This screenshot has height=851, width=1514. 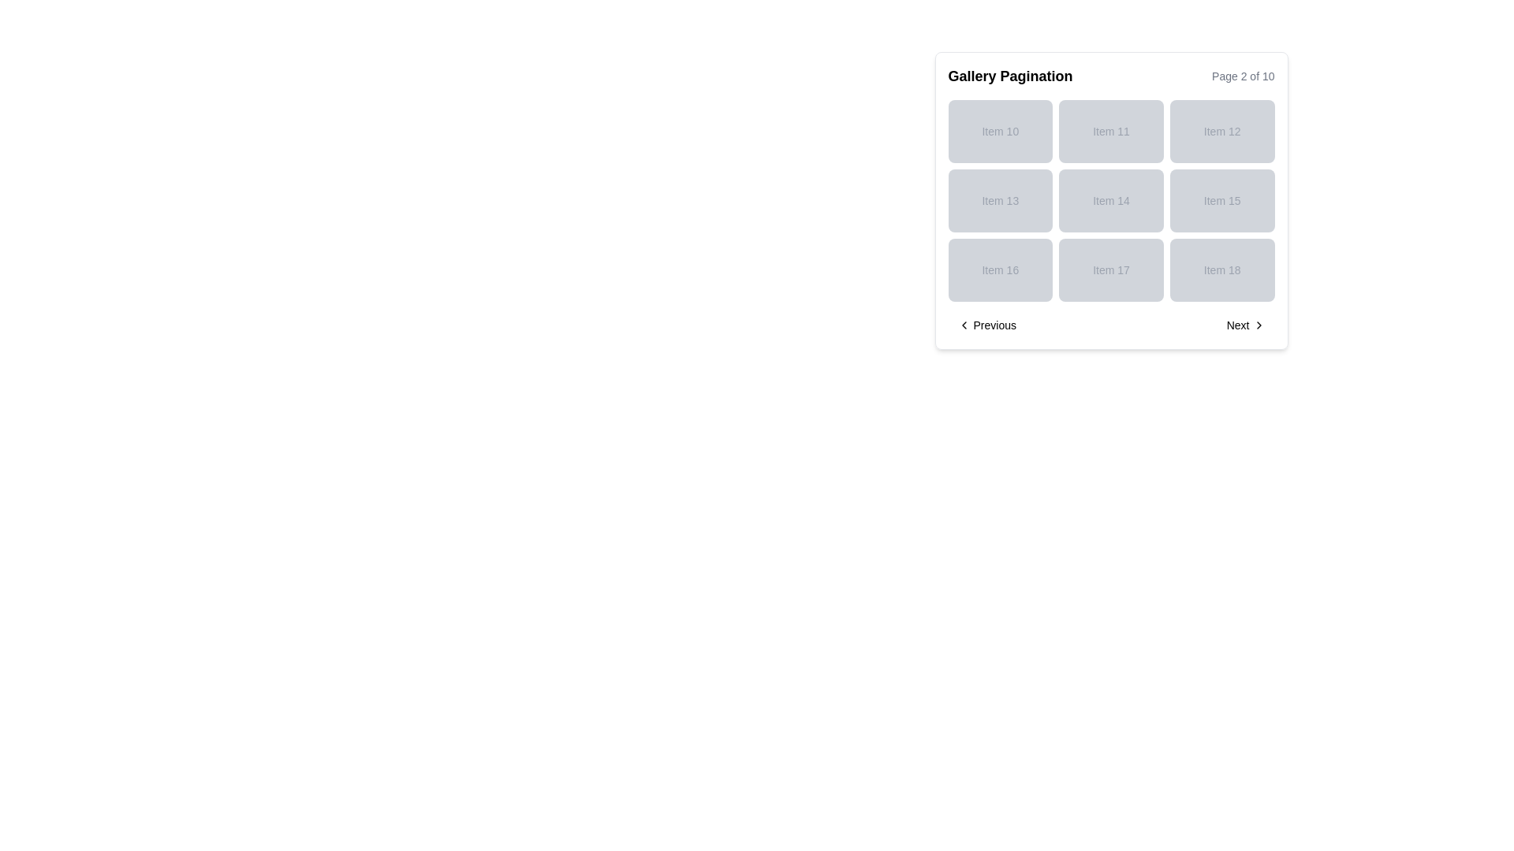 I want to click on the Chevron icon that indicates the directionality of the 'Previous' button in the pagination controls, so click(x=963, y=324).